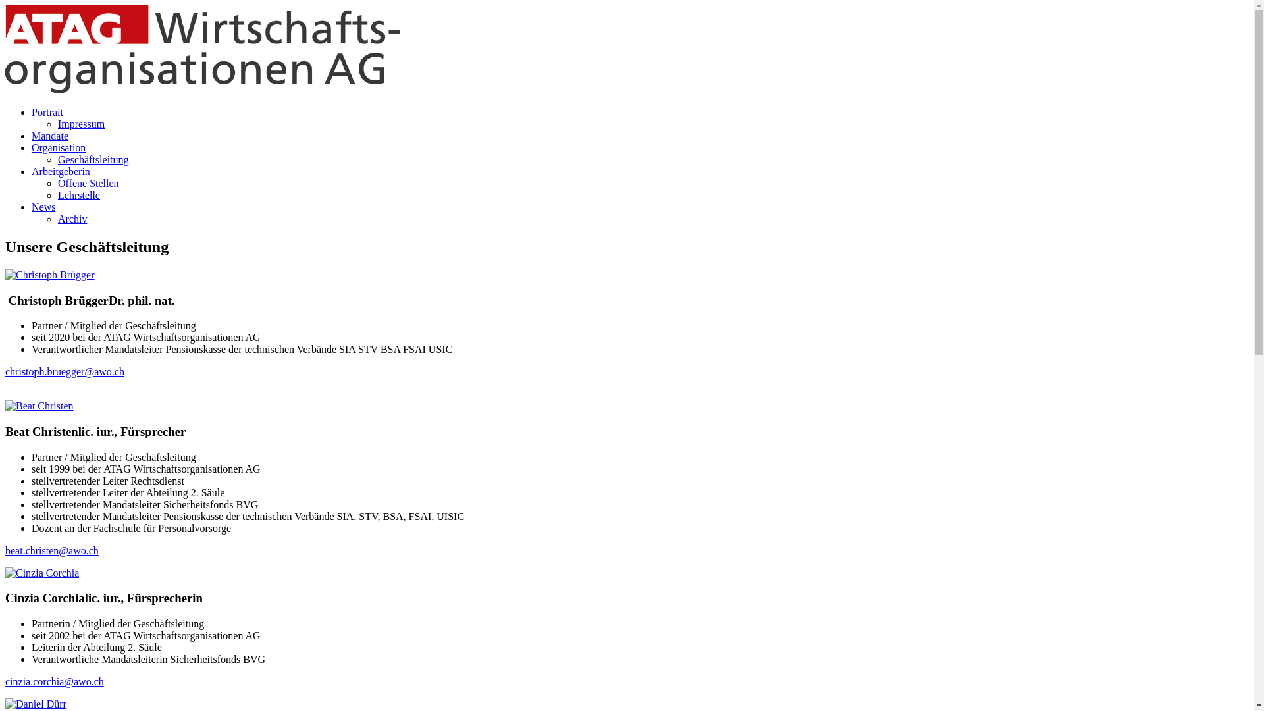  Describe the element at coordinates (80, 124) in the screenshot. I see `'Impressum'` at that location.